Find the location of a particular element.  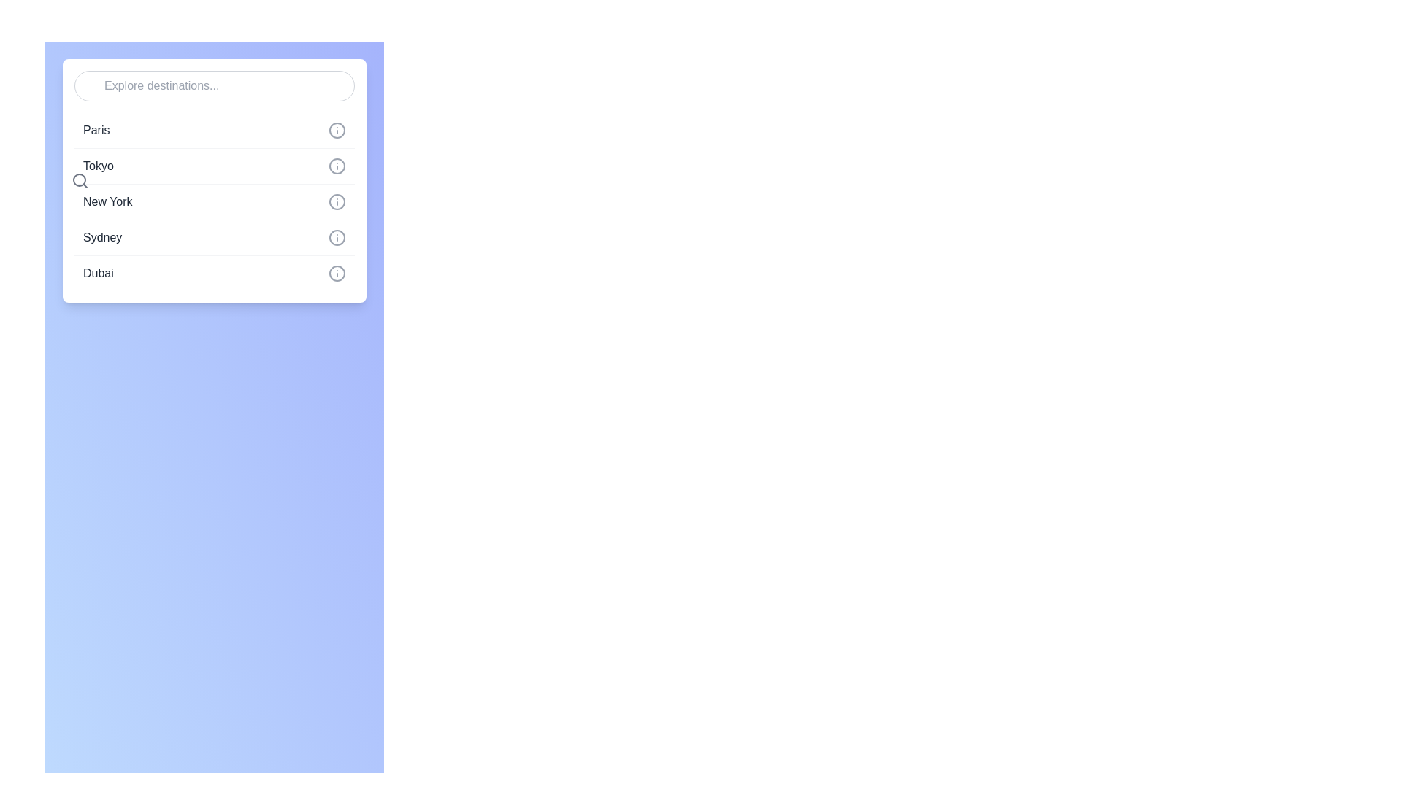

text label displaying the destination name 'Paris' located in the first row of the destination list, aligned to the left under the 'Explore destinations...' search bar is located at coordinates (96, 129).